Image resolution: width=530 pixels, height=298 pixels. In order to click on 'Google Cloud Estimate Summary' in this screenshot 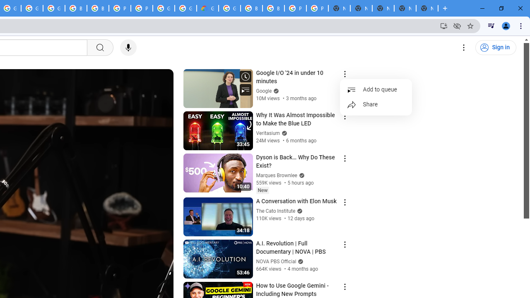, I will do `click(207, 8)`.